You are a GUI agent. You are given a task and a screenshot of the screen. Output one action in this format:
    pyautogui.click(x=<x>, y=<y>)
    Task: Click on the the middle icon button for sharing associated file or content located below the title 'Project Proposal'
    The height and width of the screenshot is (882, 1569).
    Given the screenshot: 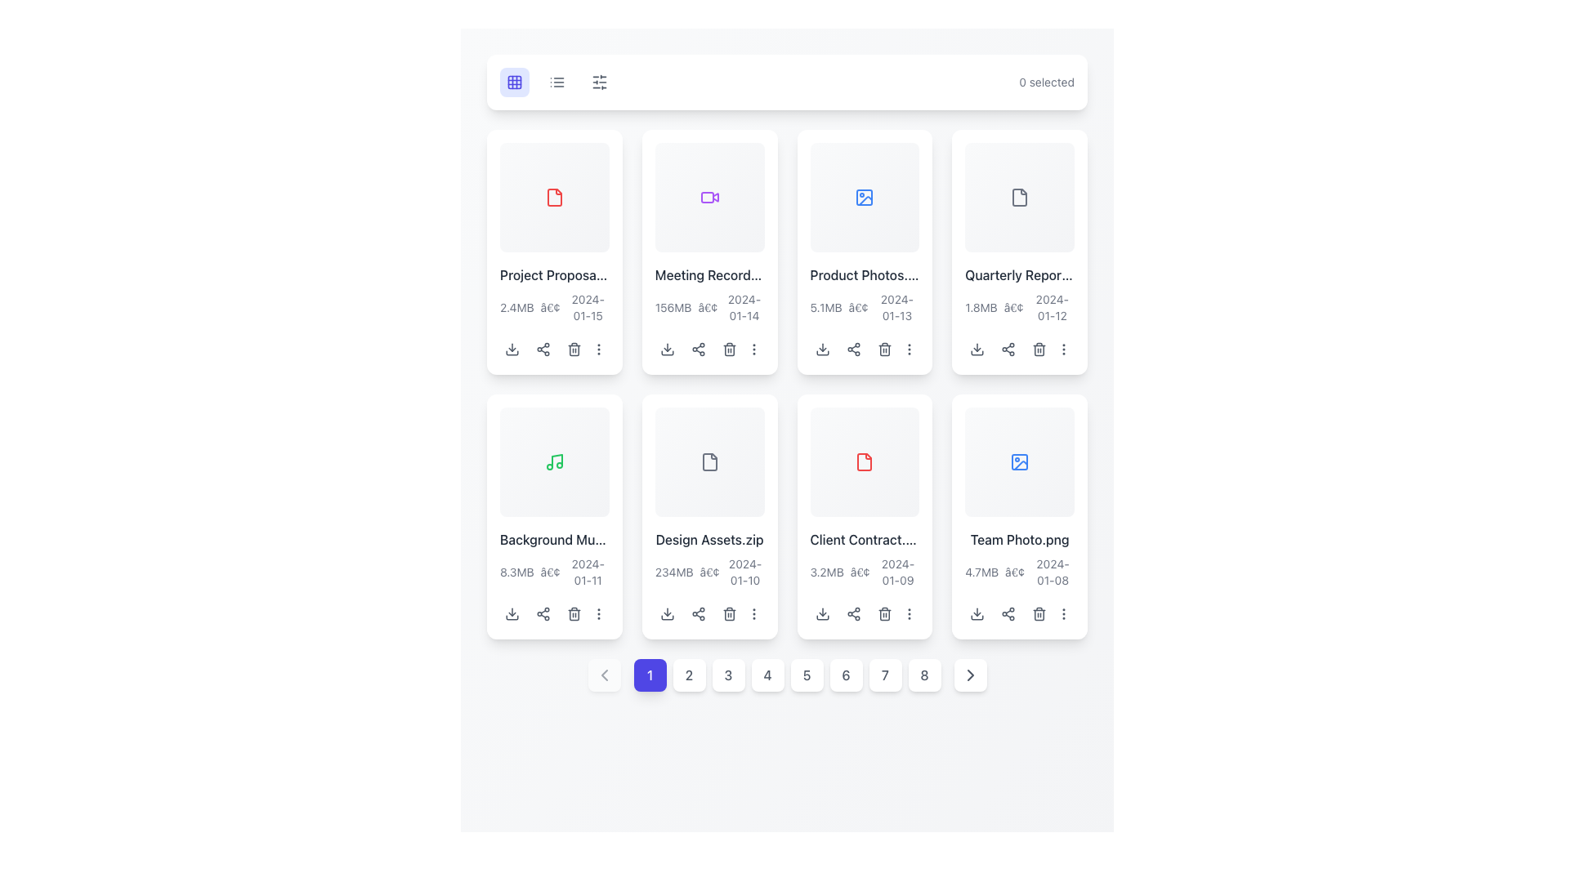 What is the action you would take?
    pyautogui.click(x=543, y=348)
    